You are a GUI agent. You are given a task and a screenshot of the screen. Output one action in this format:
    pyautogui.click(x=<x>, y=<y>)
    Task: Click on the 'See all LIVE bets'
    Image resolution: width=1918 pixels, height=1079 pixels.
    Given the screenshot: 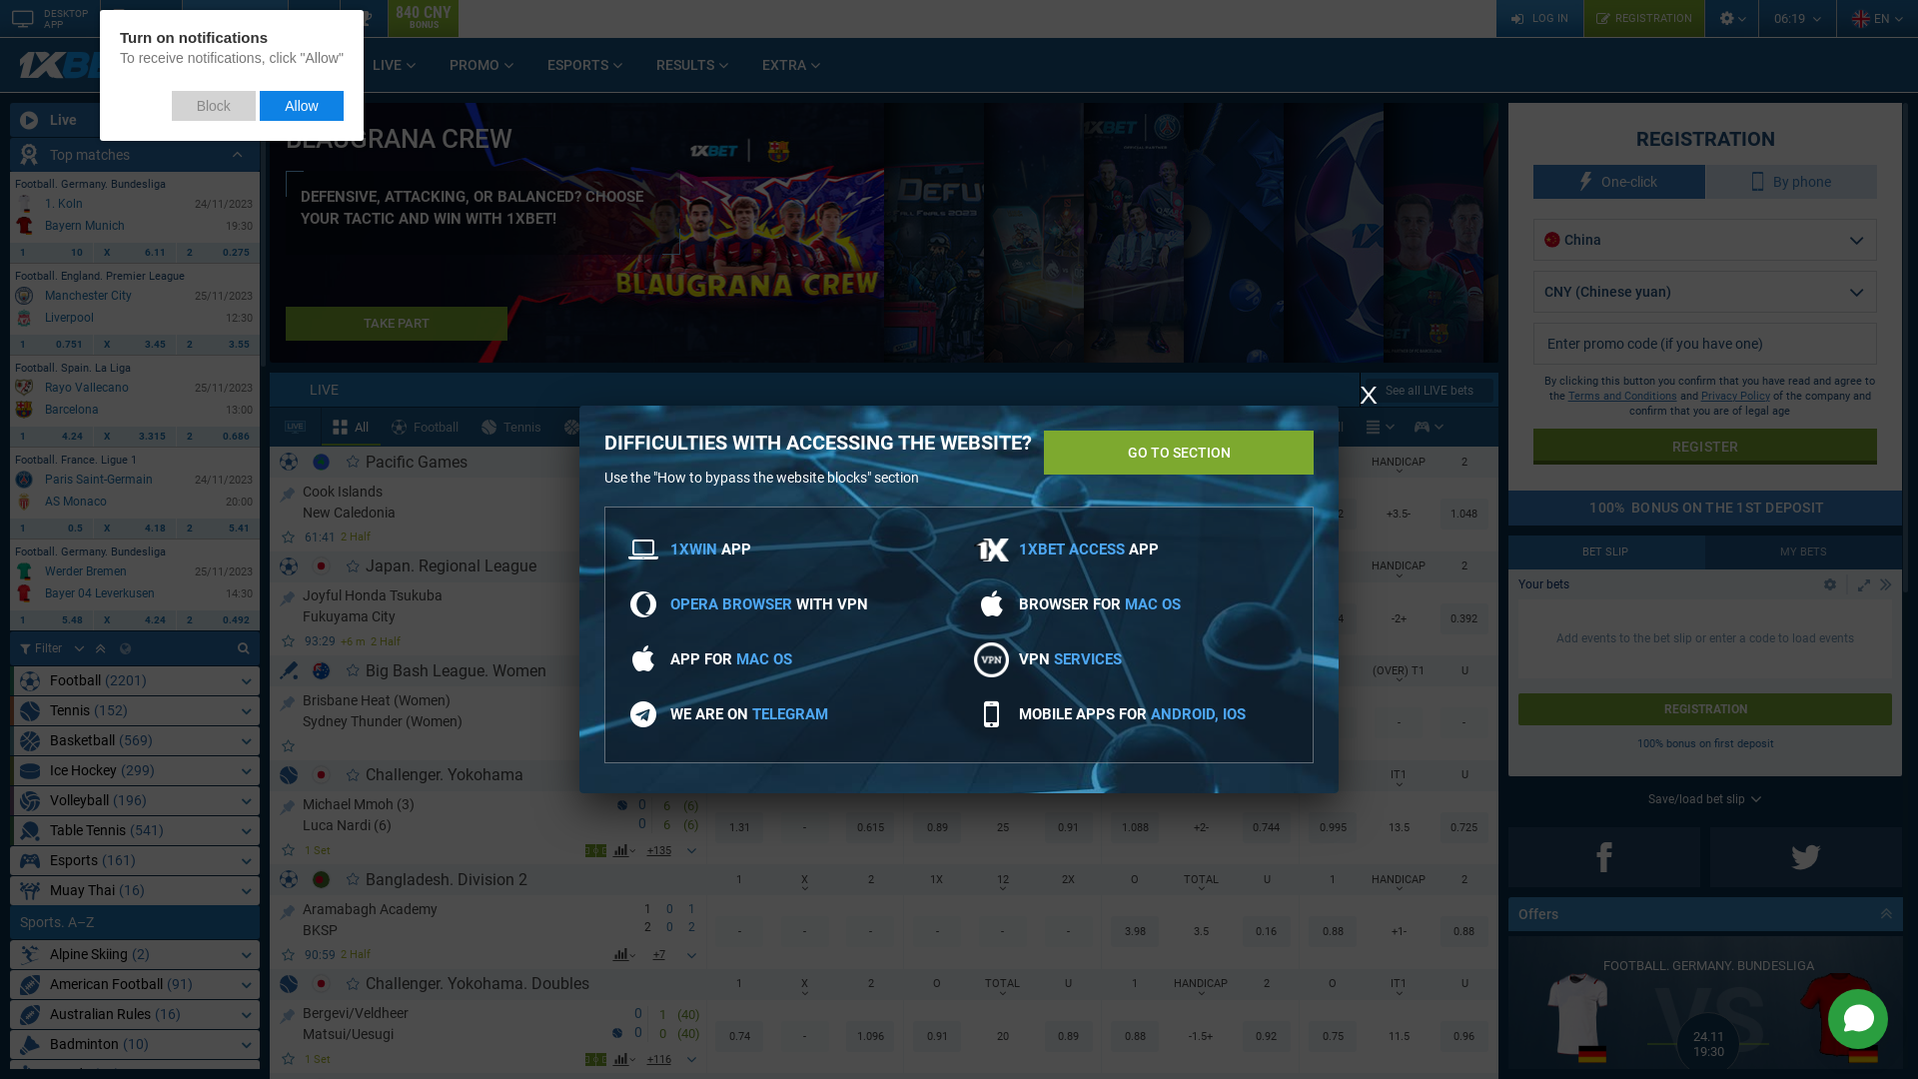 What is the action you would take?
    pyautogui.click(x=1428, y=390)
    